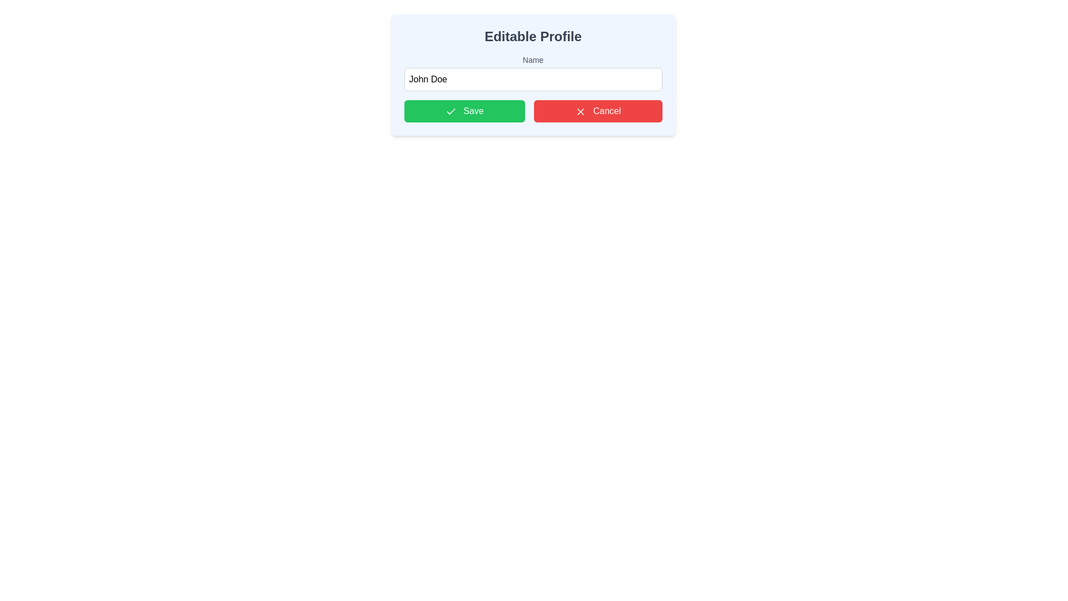 This screenshot has height=601, width=1068. What do you see at coordinates (597, 111) in the screenshot?
I see `the cancel button located in the center-right of the button group, adjacent to the 'Save' button in the 'Editable Profile' section` at bounding box center [597, 111].